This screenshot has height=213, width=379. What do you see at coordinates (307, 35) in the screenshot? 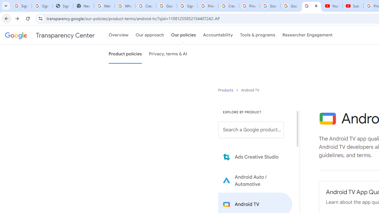
I see `'Researcher Engagement'` at bounding box center [307, 35].